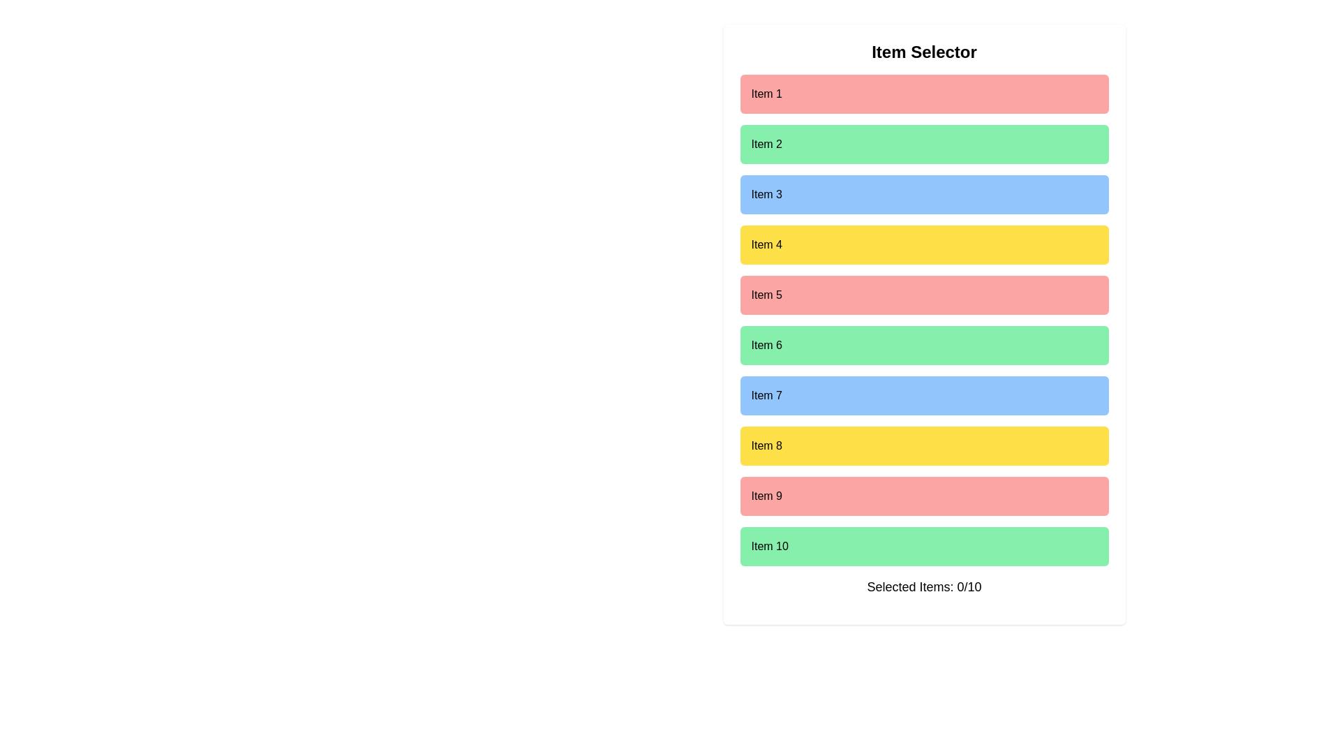 The image size is (1340, 754). What do you see at coordinates (766, 194) in the screenshot?
I see `the Text Label representing 'Item 3' in the interactive list` at bounding box center [766, 194].